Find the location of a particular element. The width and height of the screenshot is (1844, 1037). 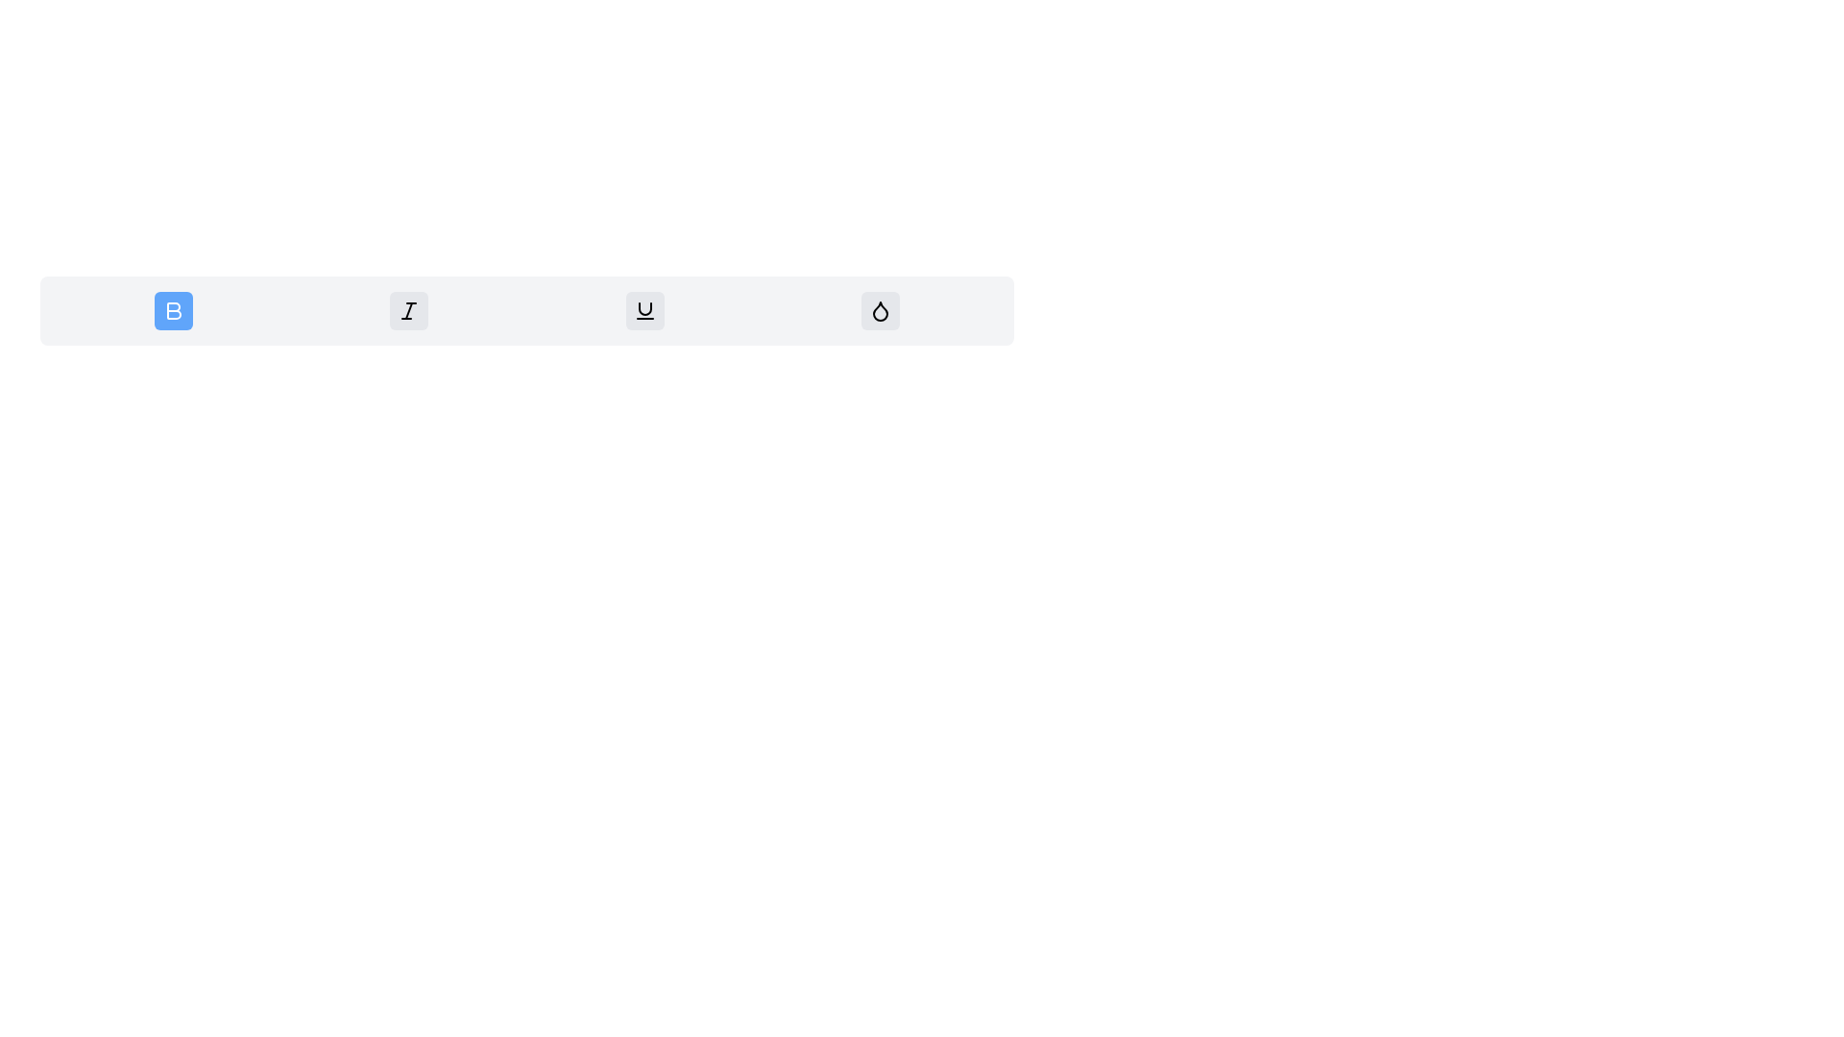

the fourth button from the left which contains a droplet-shaped icon is located at coordinates (880, 310).